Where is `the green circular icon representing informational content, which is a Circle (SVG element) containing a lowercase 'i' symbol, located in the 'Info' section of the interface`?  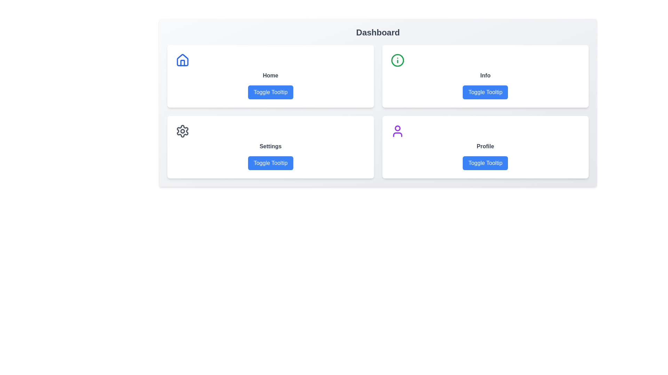
the green circular icon representing informational content, which is a Circle (SVG element) containing a lowercase 'i' symbol, located in the 'Info' section of the interface is located at coordinates (397, 60).